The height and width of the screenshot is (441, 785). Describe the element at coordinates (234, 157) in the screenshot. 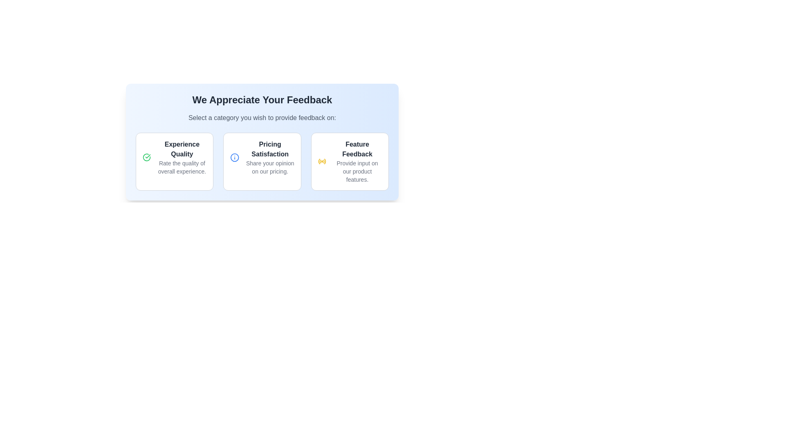

I see `the informational icon located in the middle of the 'Pricing Satisfaction' card, which is part of the three horizontally displayed cards under the 'We Appreciate Your Feedback' heading` at that location.